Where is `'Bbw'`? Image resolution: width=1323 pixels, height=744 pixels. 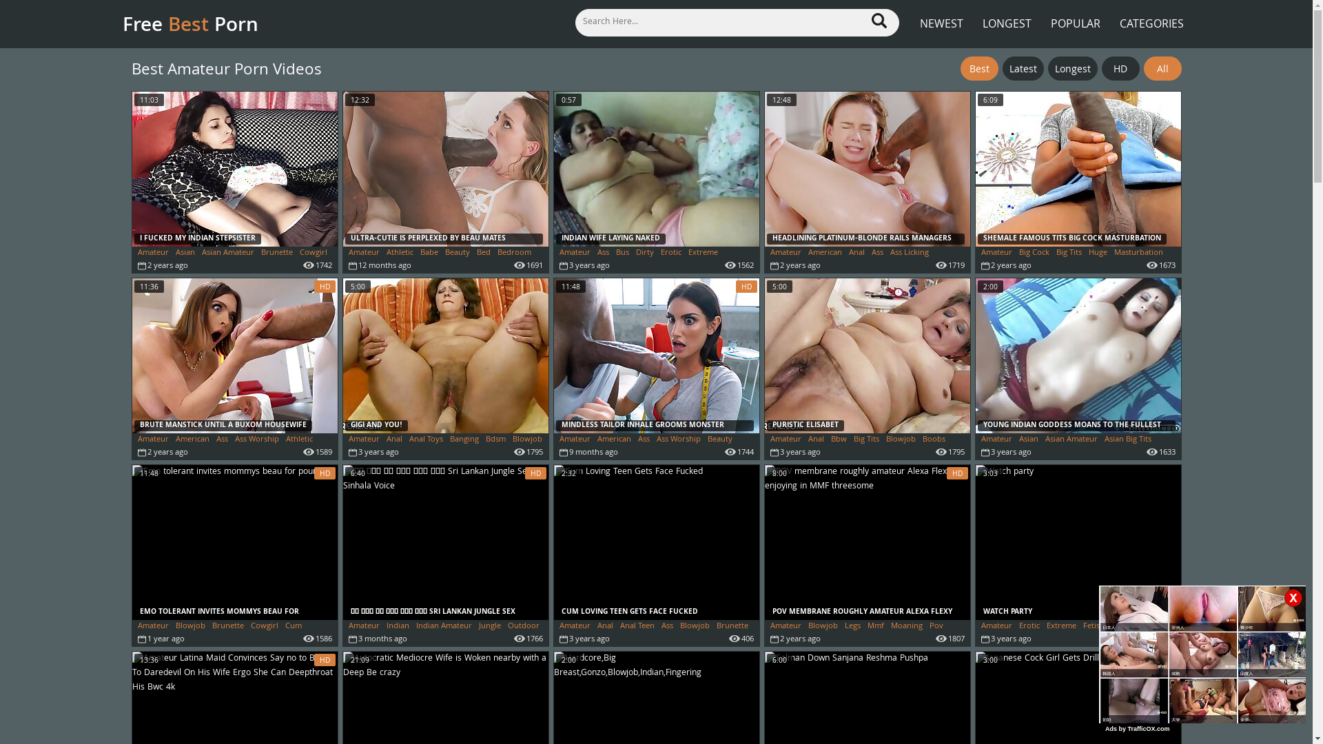 'Bbw' is located at coordinates (838, 440).